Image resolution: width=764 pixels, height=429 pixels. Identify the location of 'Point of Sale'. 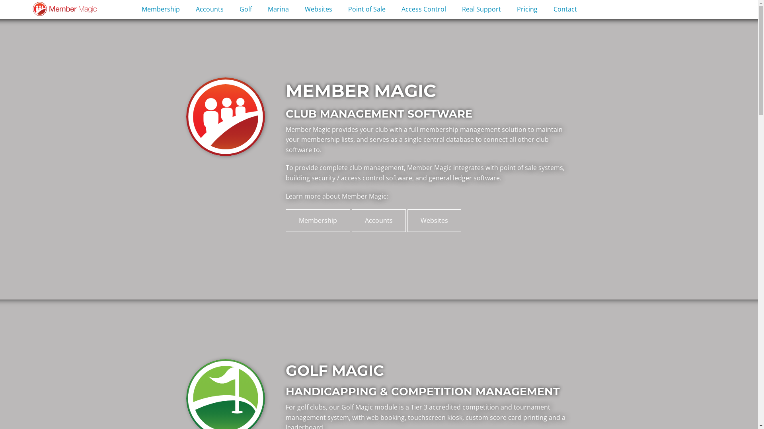
(366, 10).